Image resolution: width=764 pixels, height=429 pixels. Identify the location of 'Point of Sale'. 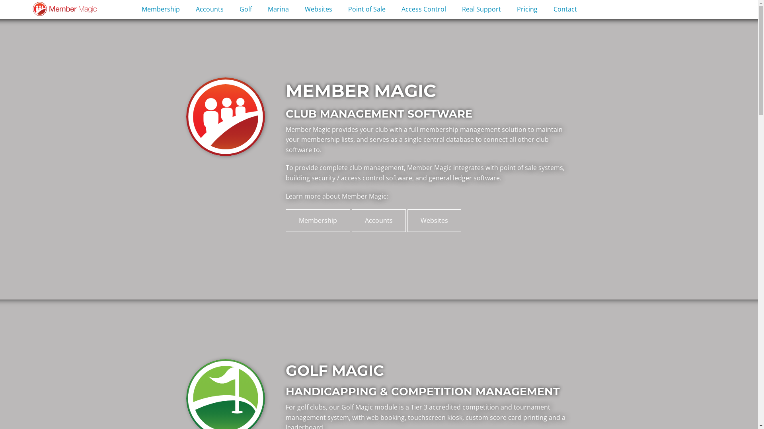
(366, 10).